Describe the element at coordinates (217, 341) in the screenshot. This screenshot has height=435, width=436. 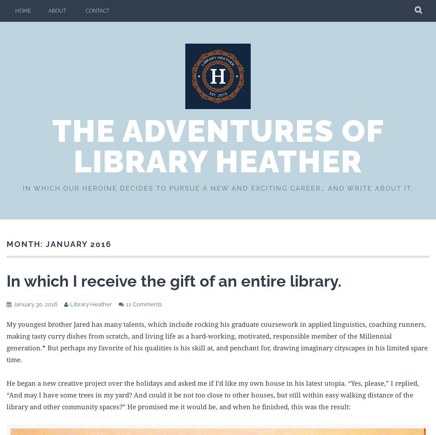
I see `'My youngest brother Jared has many talents, which include rocking his graduate coursework in applied linguistics, coaching runners, making tasty curry dishes from scratch, and living life as a hard-working, motivated, responsible member of the Millennial generation.* But perhaps my favorite of his qualities is his skill at, and penchant for, drawing imaginary cityscapes in his limited spare time.'` at that location.